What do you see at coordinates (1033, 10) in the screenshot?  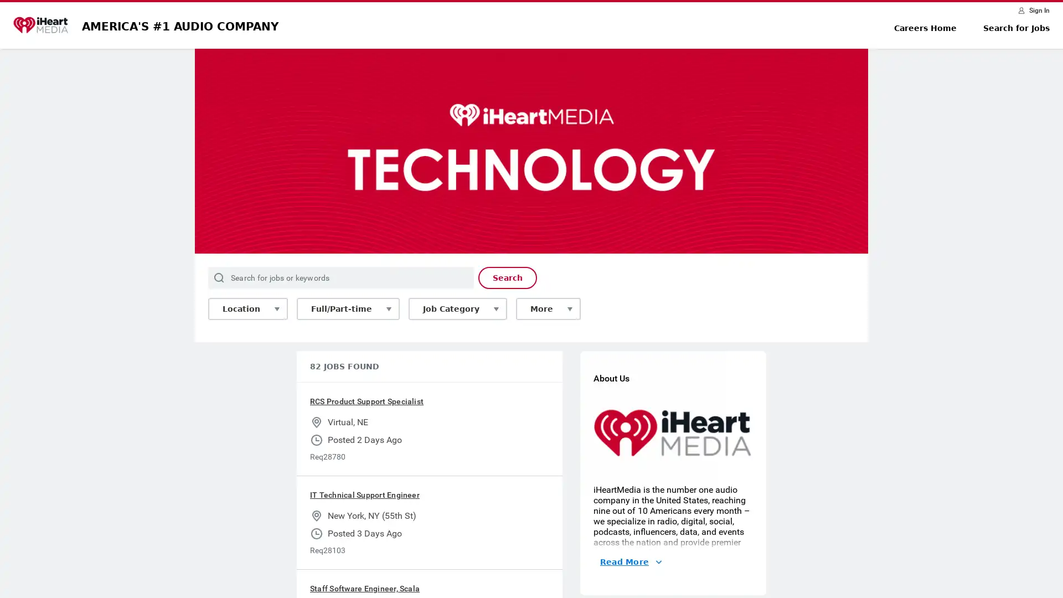 I see `Sign In` at bounding box center [1033, 10].